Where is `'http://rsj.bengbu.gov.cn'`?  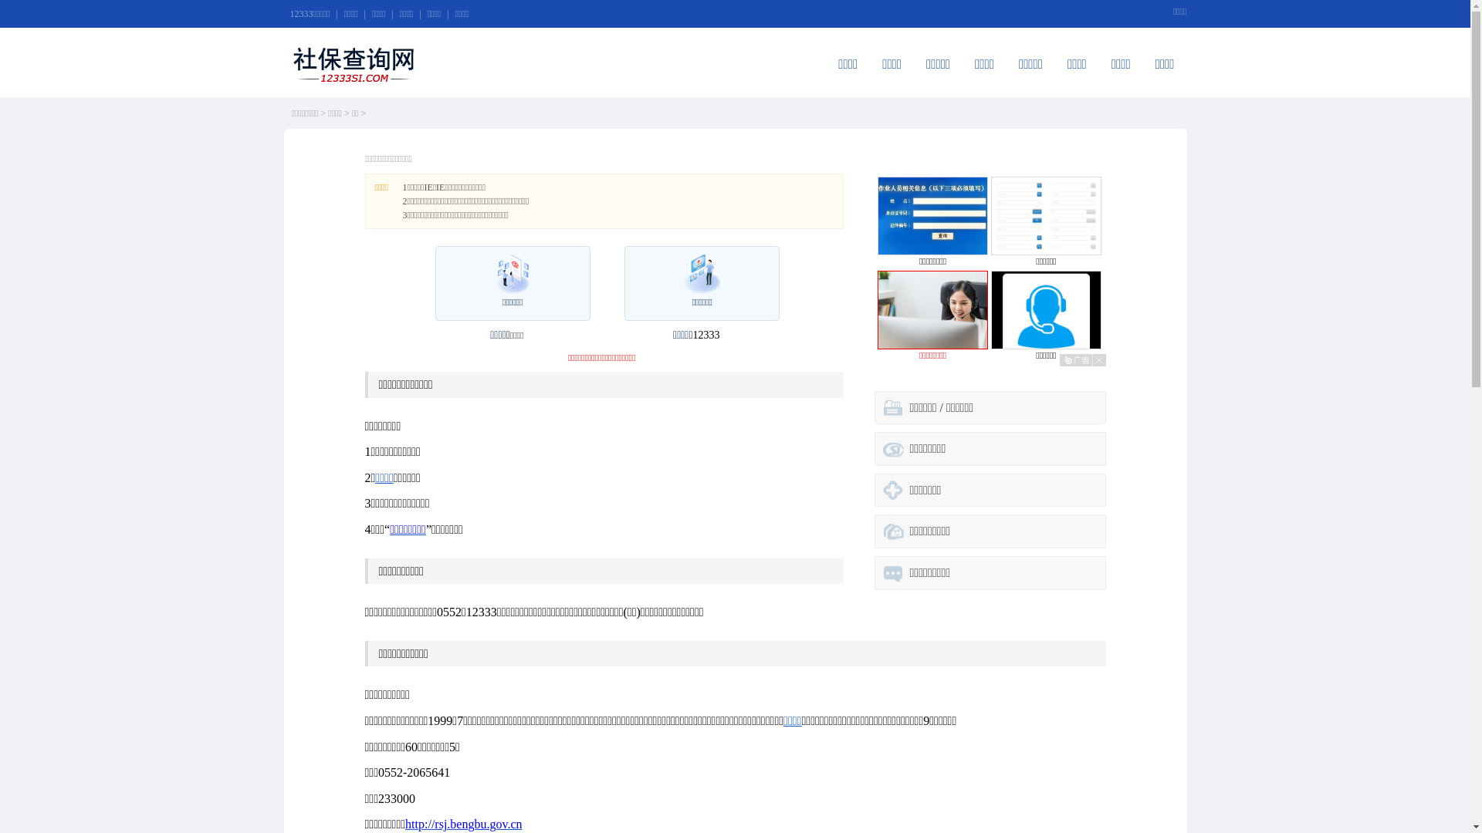
'http://rsj.bengbu.gov.cn' is located at coordinates (462, 823).